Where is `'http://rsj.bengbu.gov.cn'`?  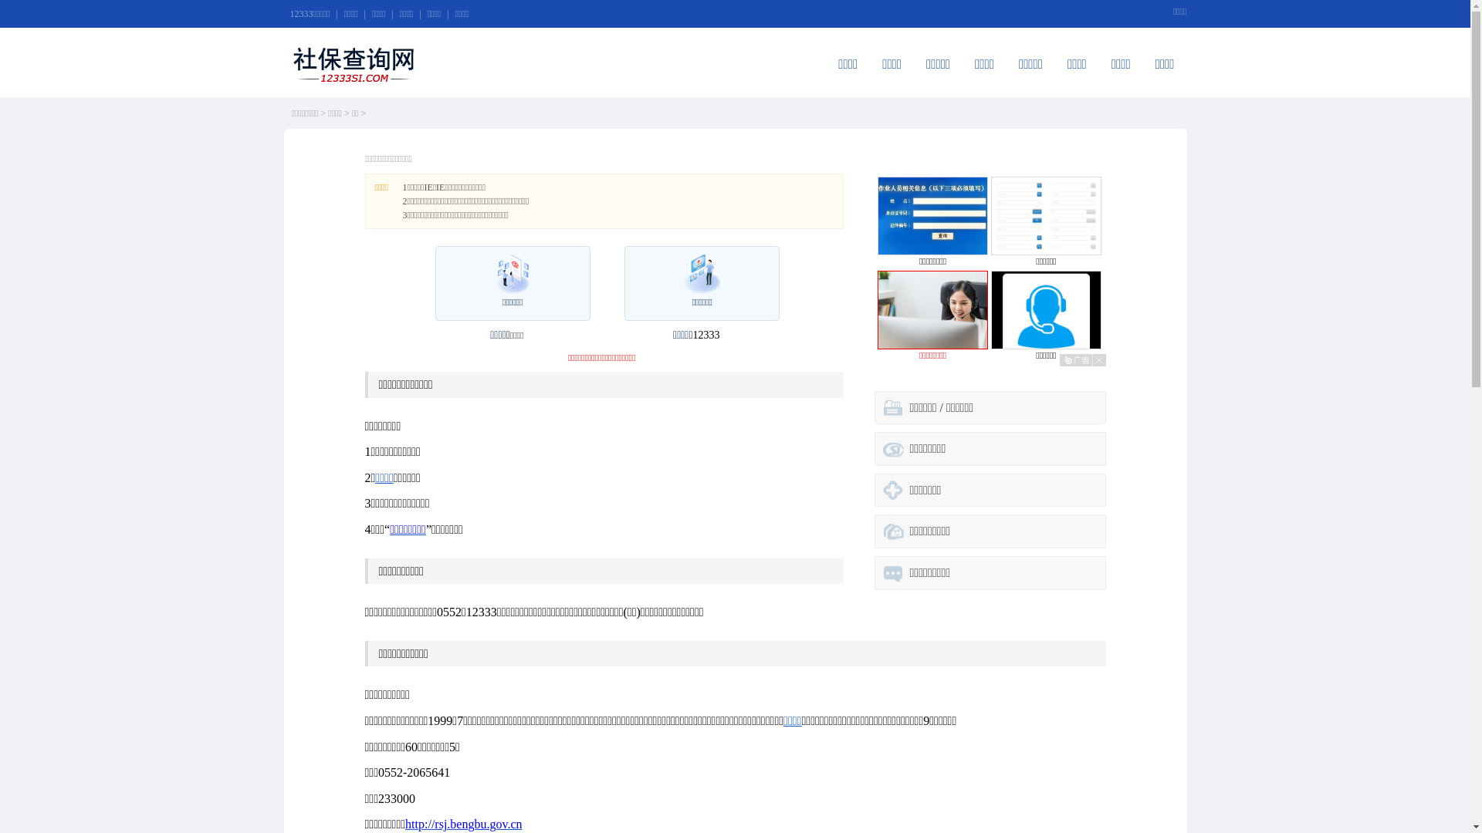
'http://rsj.bengbu.gov.cn' is located at coordinates (462, 823).